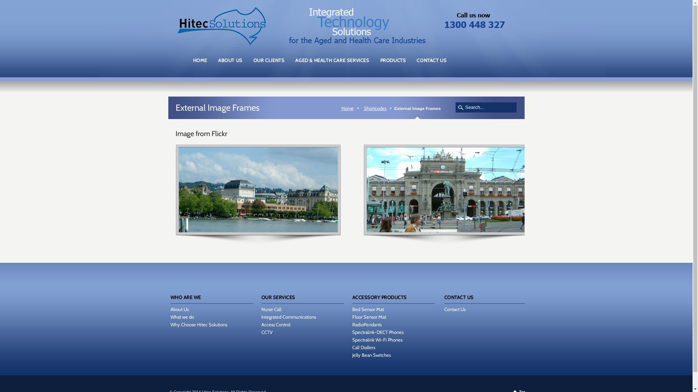 Image resolution: width=698 pixels, height=392 pixels. Describe the element at coordinates (431, 64) in the screenshot. I see `'CONTACT US'` at that location.